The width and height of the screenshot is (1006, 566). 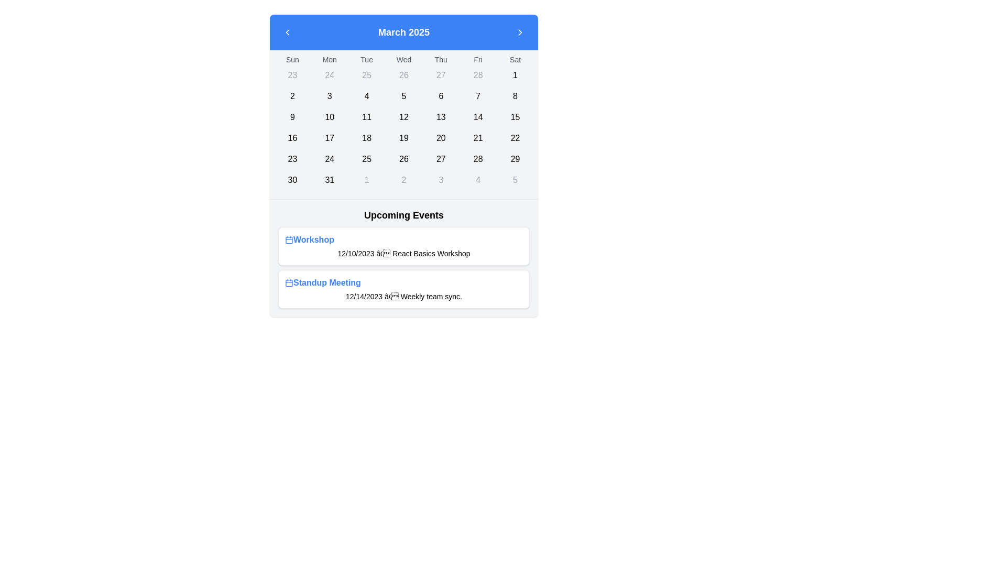 What do you see at coordinates (403, 117) in the screenshot?
I see `the date cell representing the number '12' in the calendar interface` at bounding box center [403, 117].